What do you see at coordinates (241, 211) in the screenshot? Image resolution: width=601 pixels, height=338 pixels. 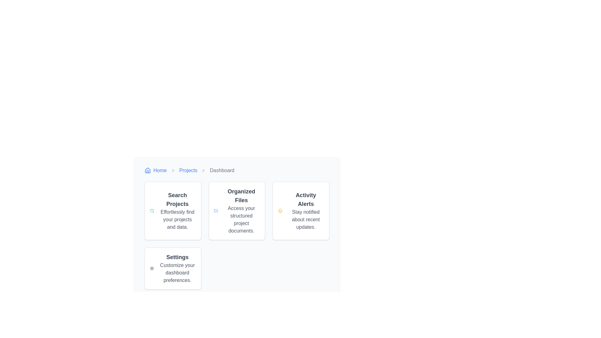 I see `title 'Organized Files' and subtitle 'Access your structured project documents.' from the informational card, which is the middle card in a row of three cards` at bounding box center [241, 211].